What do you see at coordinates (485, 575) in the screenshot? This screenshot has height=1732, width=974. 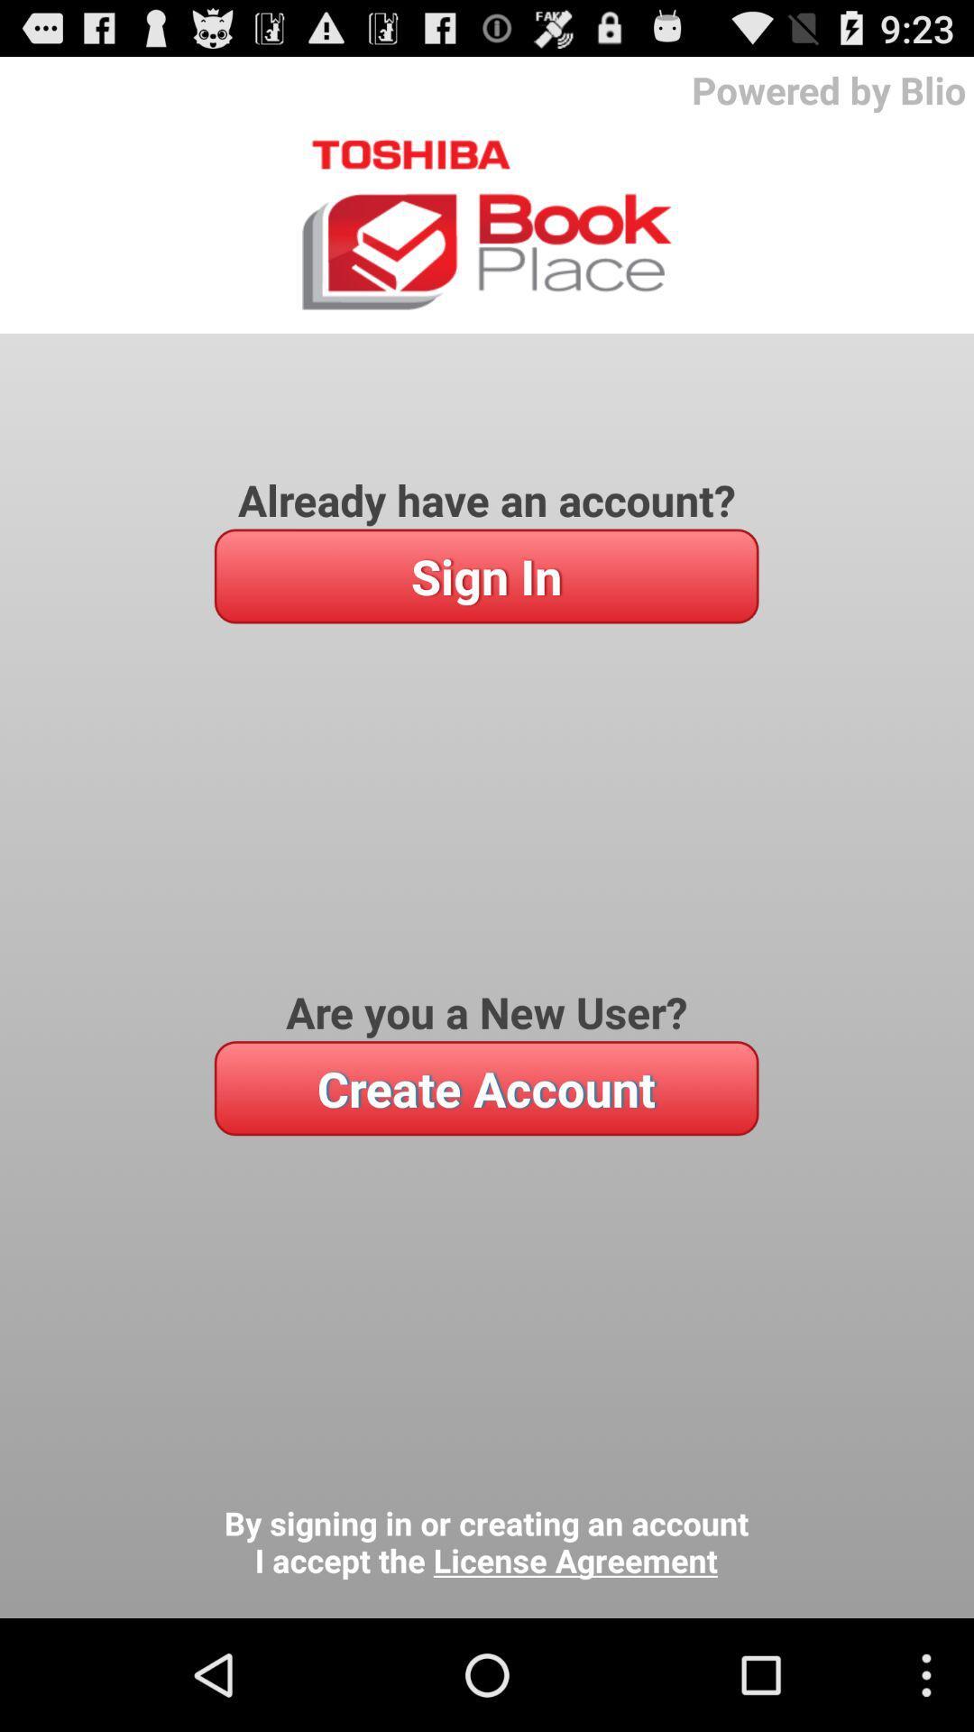 I see `the icon below already have an` at bounding box center [485, 575].